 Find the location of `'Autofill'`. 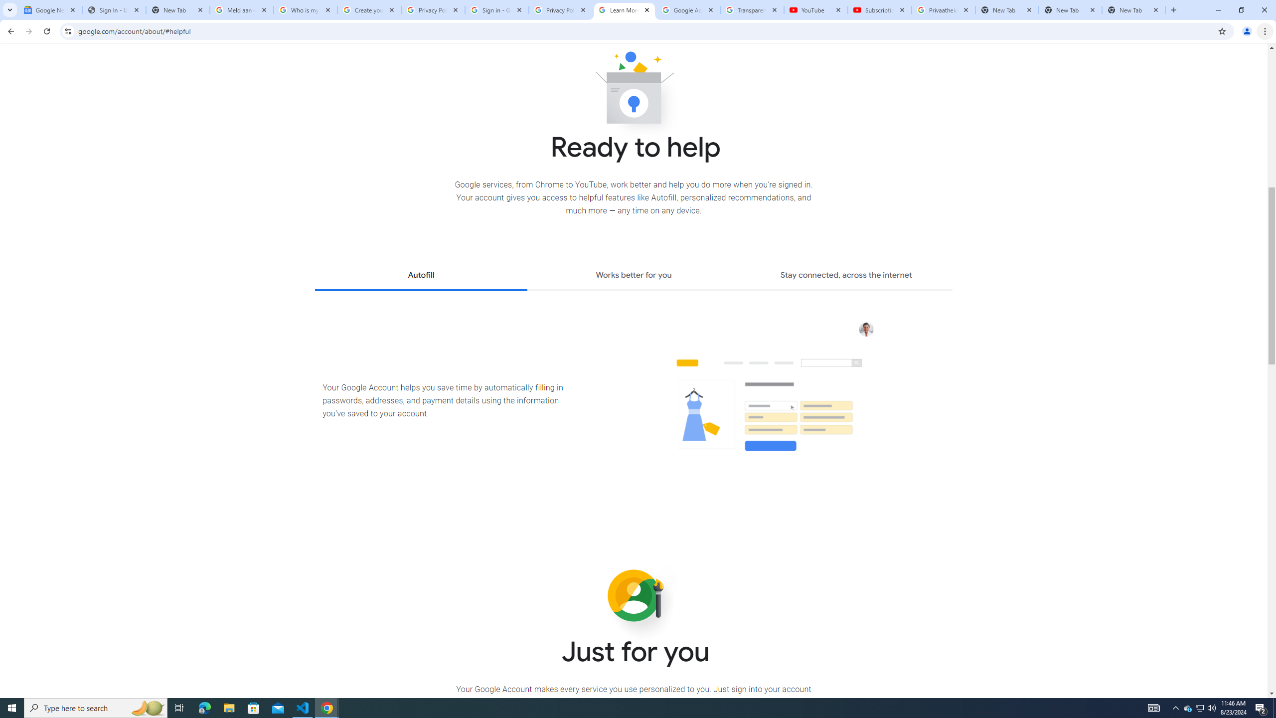

'Autofill' is located at coordinates (420, 276).